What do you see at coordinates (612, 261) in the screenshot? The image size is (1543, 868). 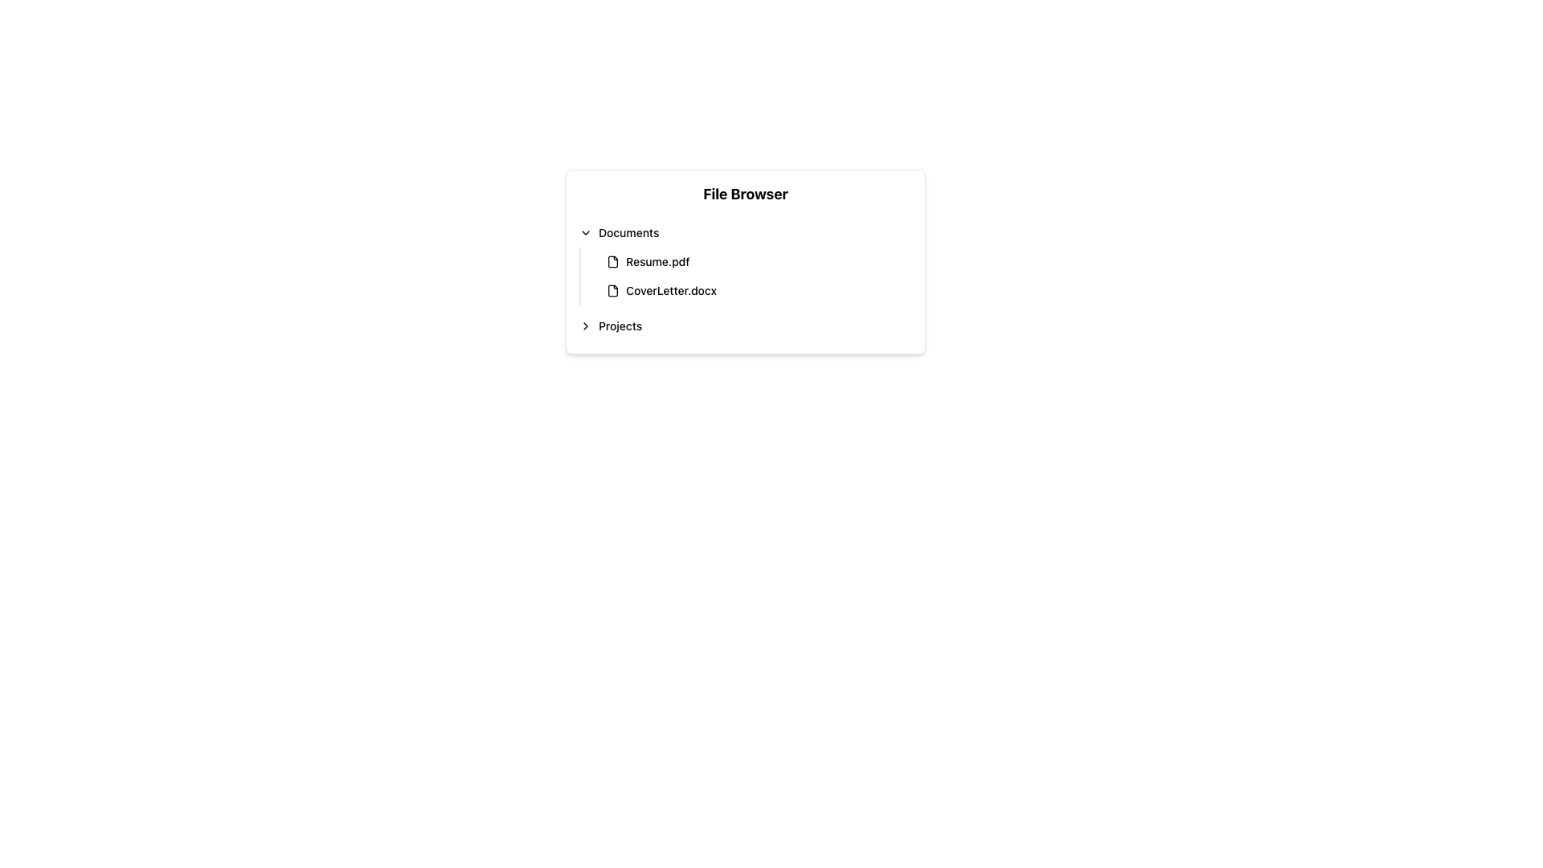 I see `the appearance of the file icon located to the left of 'Resume.pdf' in the Documents section of the file browser` at bounding box center [612, 261].